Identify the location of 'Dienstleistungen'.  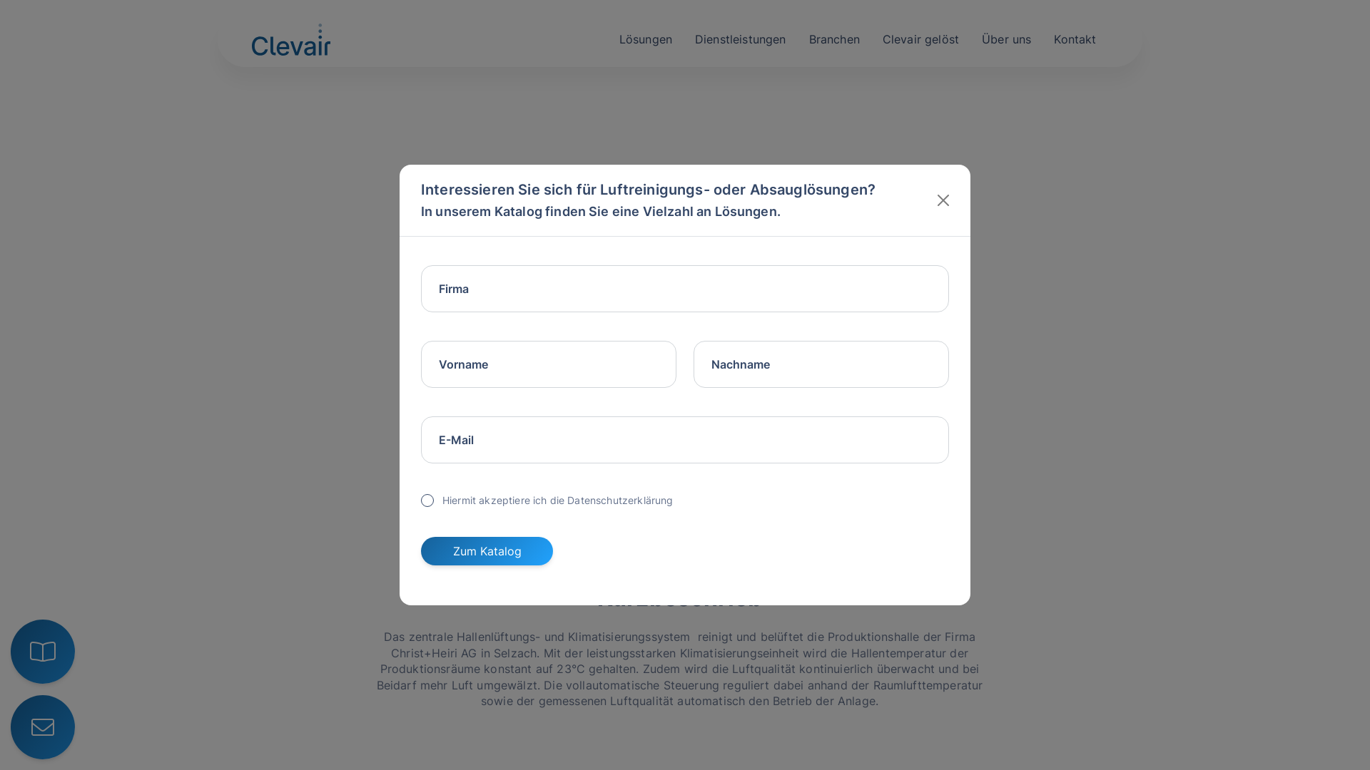
(740, 37).